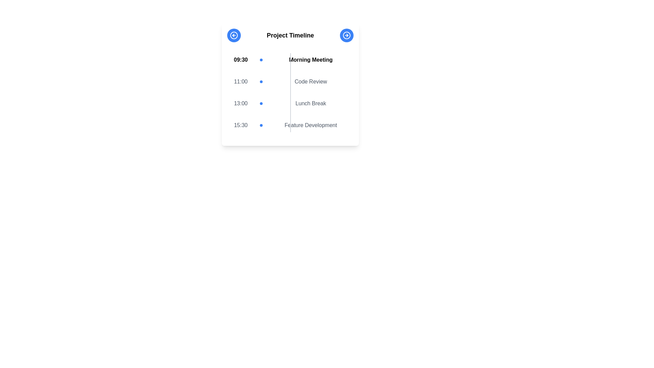 This screenshot has width=654, height=368. I want to click on the circular icon-based button located at the top-right corner of the card, aligned with the text 'Project Timeline', so click(346, 35).